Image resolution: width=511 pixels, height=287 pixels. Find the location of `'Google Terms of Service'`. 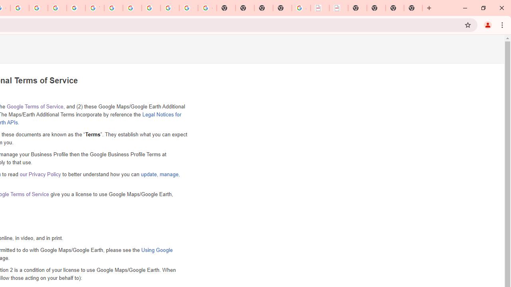

'Google Terms of Service' is located at coordinates (34, 106).